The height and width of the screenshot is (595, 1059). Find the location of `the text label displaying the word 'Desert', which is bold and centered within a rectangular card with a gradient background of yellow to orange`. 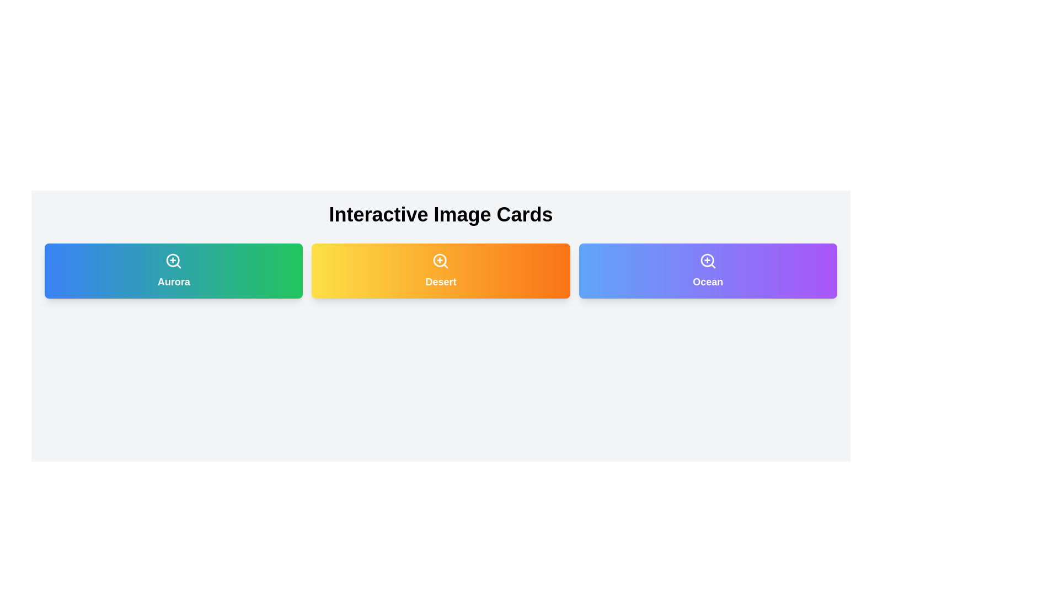

the text label displaying the word 'Desert', which is bold and centered within a rectangular card with a gradient background of yellow to orange is located at coordinates (440, 282).